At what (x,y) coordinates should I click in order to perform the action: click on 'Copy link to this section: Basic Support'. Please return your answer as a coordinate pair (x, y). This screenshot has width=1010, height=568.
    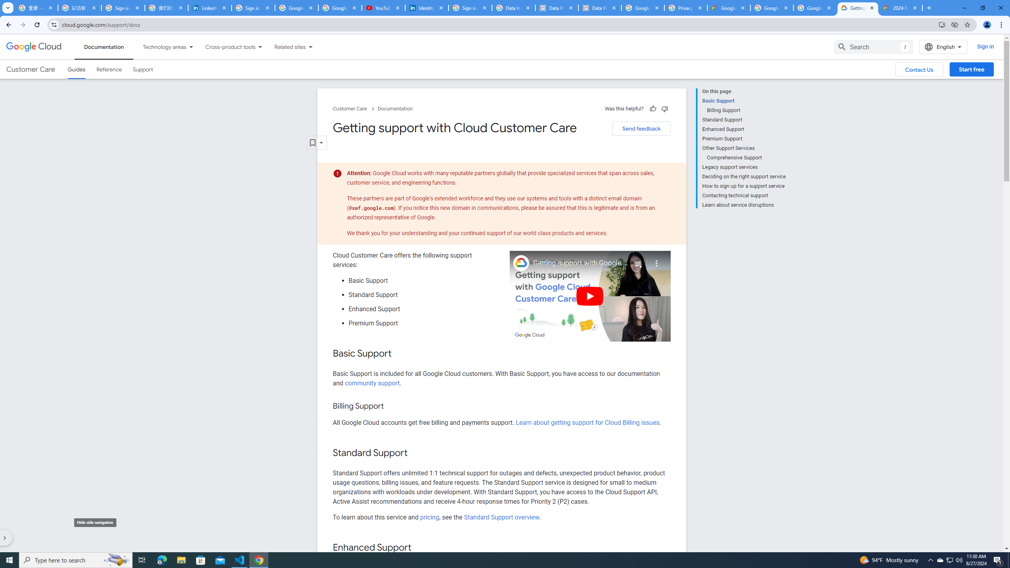
    Looking at the image, I should click on (399, 353).